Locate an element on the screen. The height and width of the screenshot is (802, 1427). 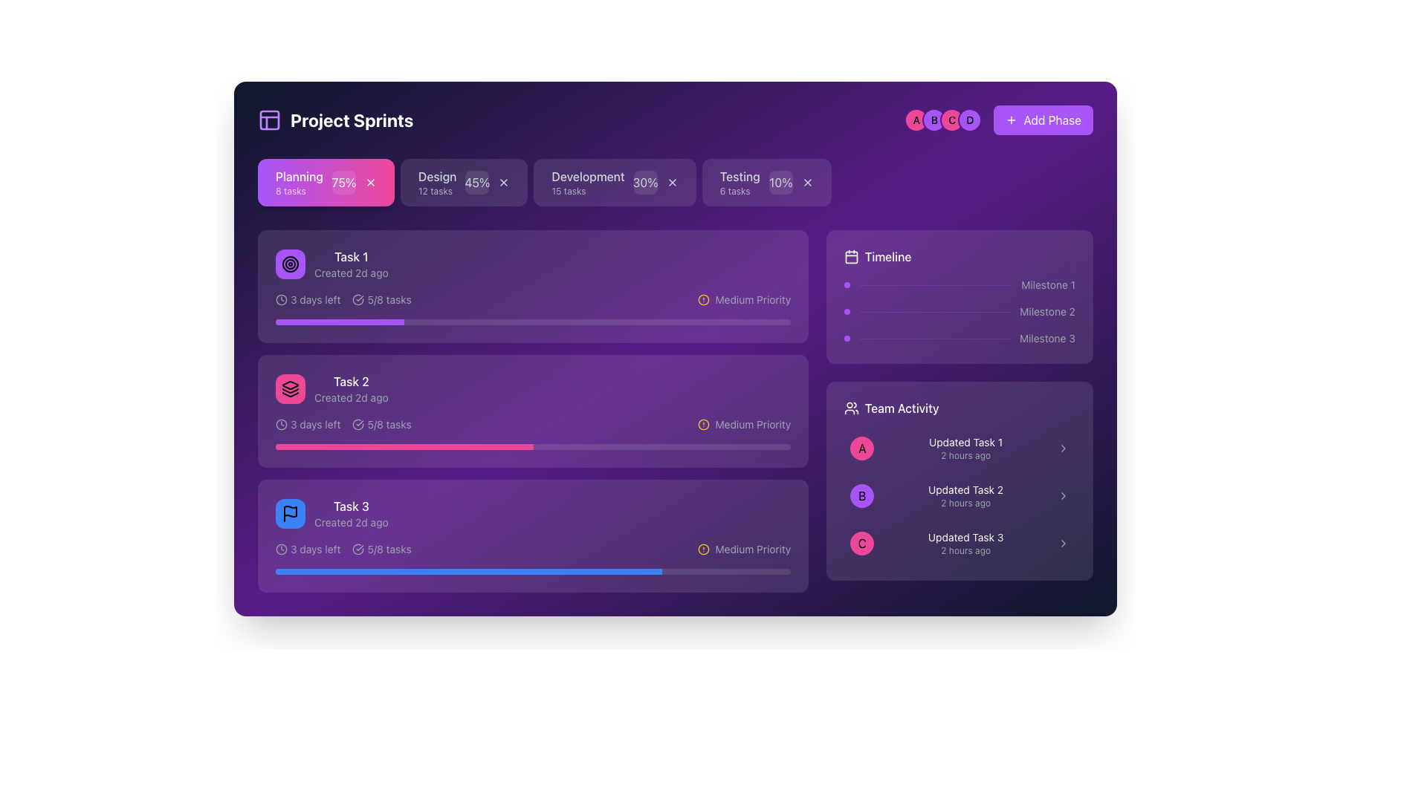
the small text label displaying '2 hours ago' located in the 'Team Activity' section beneath 'Updated Task 1' is located at coordinates (965, 454).